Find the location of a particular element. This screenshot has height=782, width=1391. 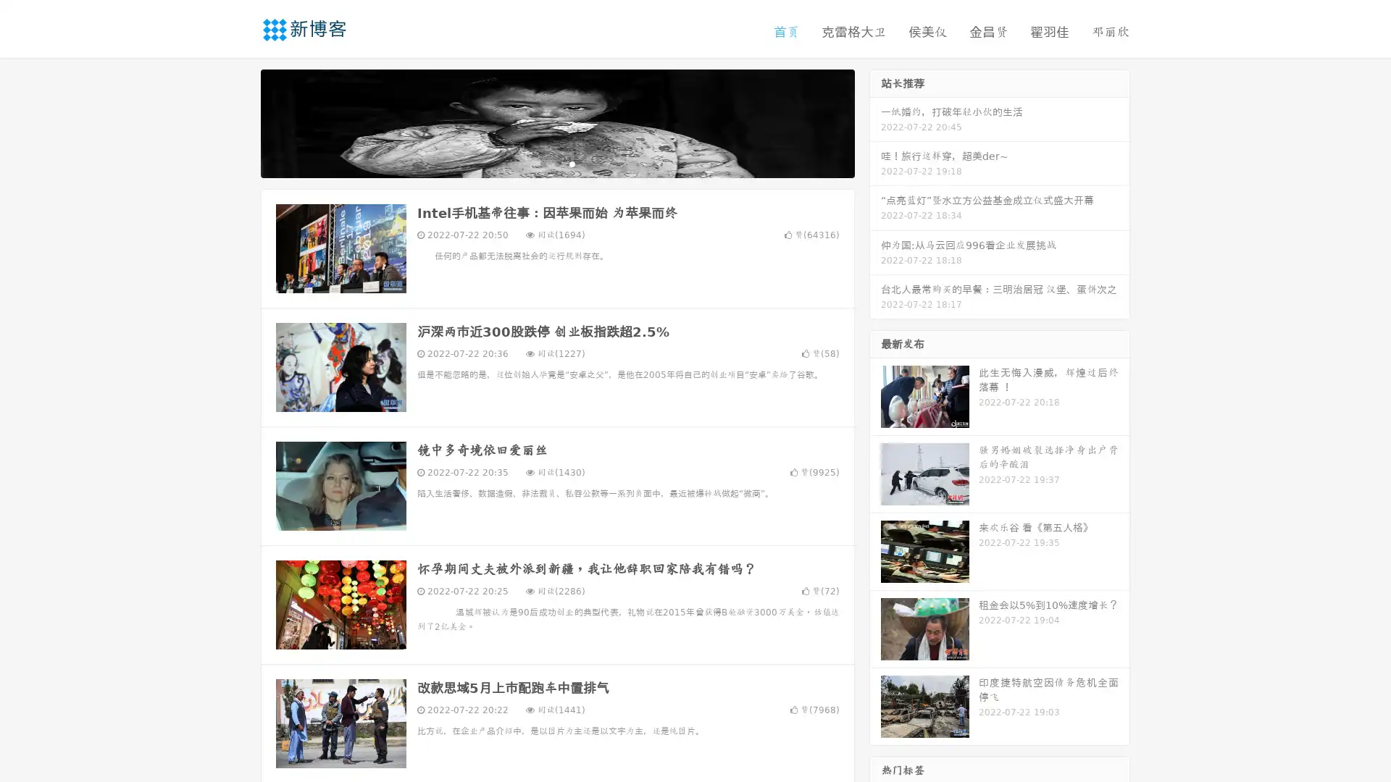

Go to slide 3 is located at coordinates (572, 163).